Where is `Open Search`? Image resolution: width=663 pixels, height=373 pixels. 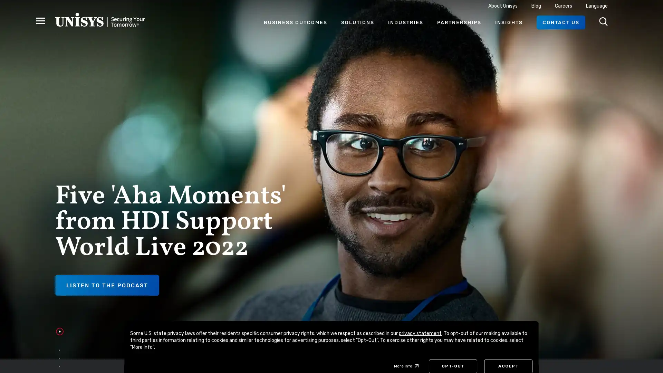 Open Search is located at coordinates (603, 21).